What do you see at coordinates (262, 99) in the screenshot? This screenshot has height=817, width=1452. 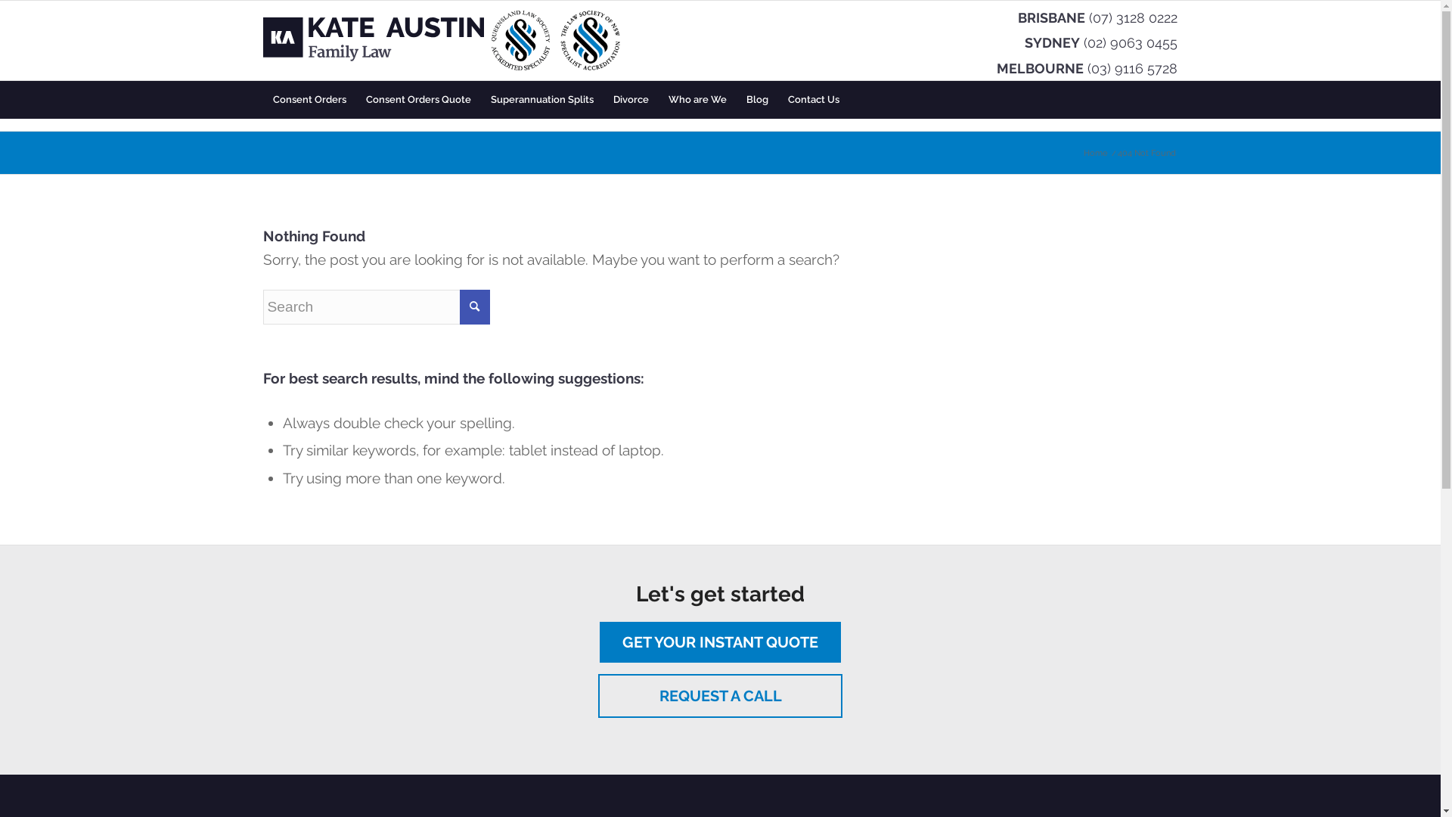 I see `'Consent Orders'` at bounding box center [262, 99].